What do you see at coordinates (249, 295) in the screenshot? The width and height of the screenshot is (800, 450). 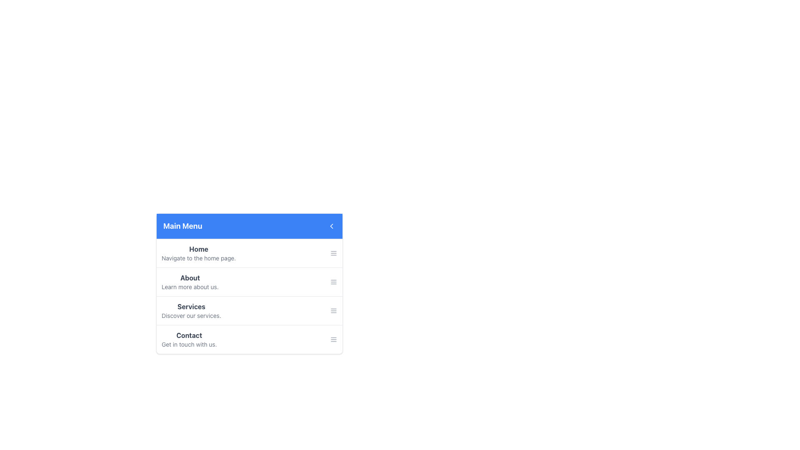 I see `to select the 'About' submenu item in the Main Menu panel, which is the second item in the list of four options` at bounding box center [249, 295].